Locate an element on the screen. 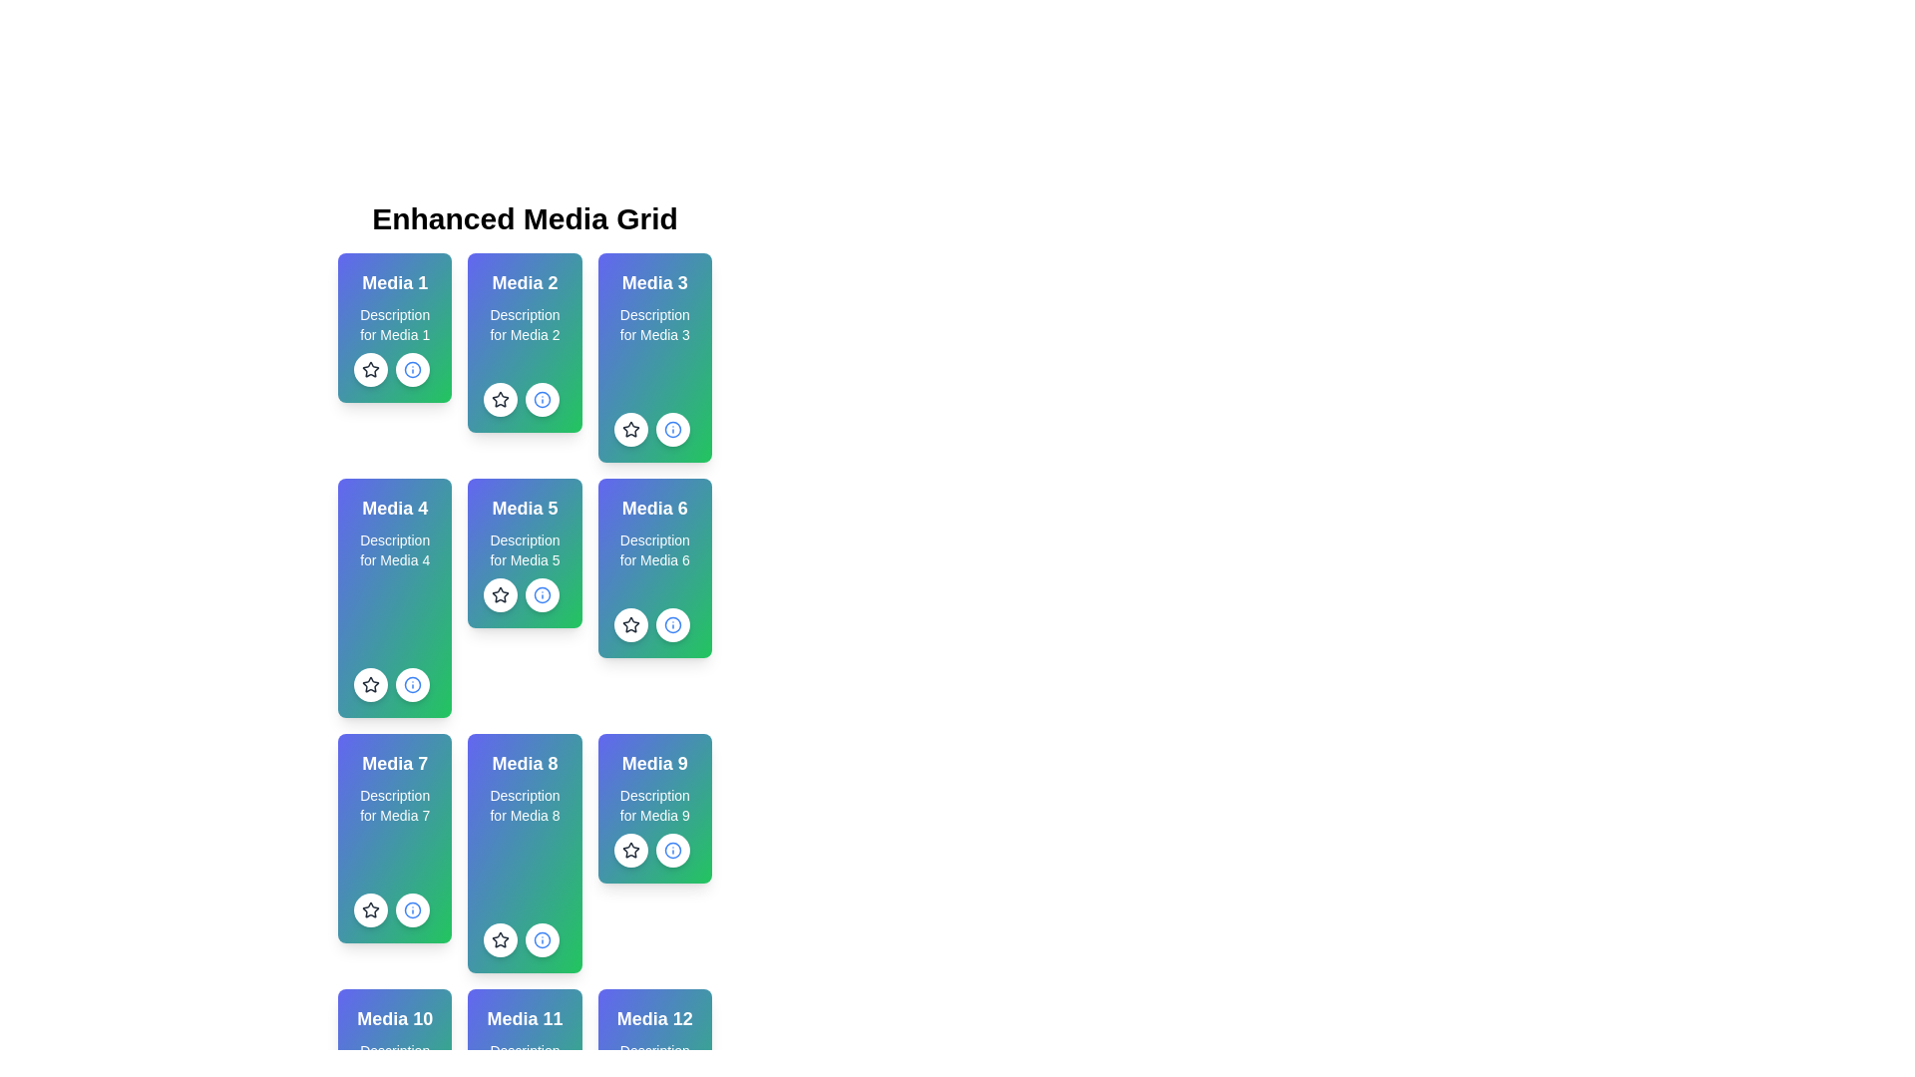  the text label that states 'Description for Media 8', which is centrally aligned within the card labeled 'Media 8' in the grid layout is located at coordinates (525, 804).